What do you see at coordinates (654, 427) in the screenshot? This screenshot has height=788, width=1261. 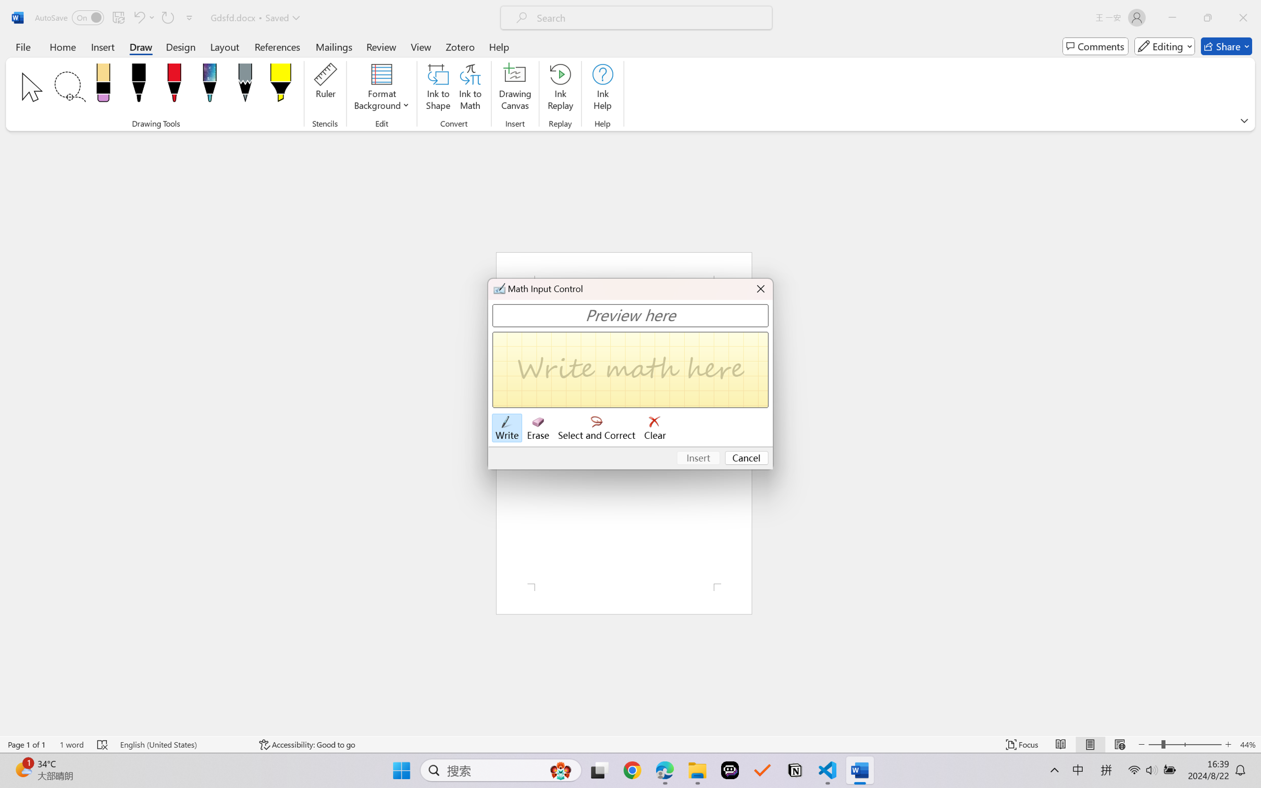 I see `'Clear'` at bounding box center [654, 427].